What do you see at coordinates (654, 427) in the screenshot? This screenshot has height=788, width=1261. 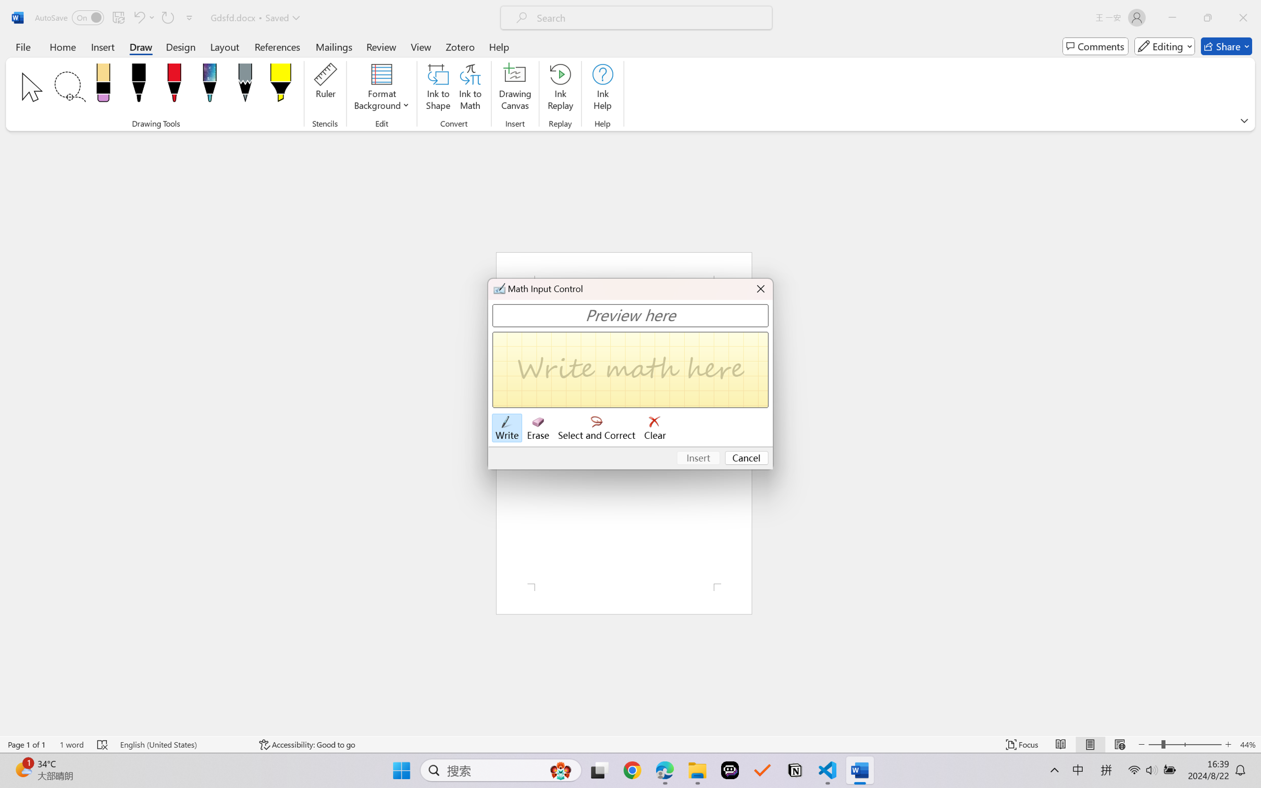 I see `'Clear'` at bounding box center [654, 427].